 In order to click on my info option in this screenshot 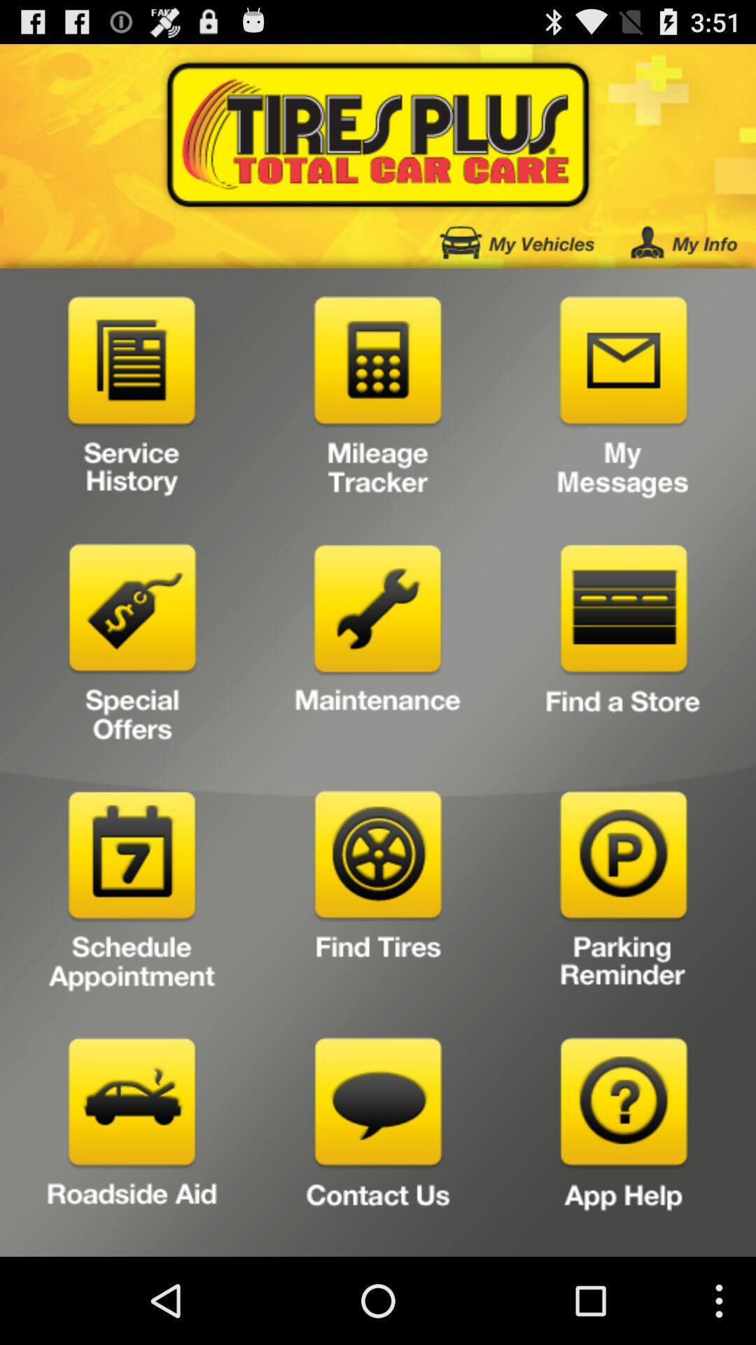, I will do `click(683, 242)`.